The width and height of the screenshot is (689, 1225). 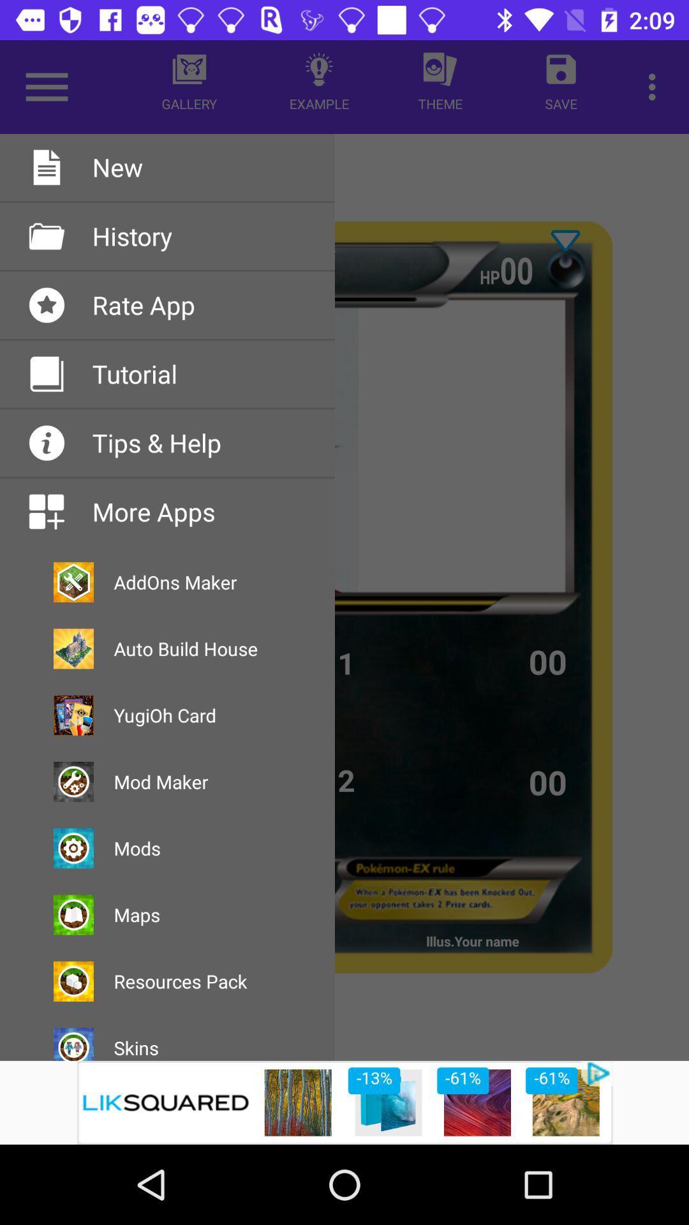 What do you see at coordinates (565, 268) in the screenshot?
I see `the emoji icon` at bounding box center [565, 268].